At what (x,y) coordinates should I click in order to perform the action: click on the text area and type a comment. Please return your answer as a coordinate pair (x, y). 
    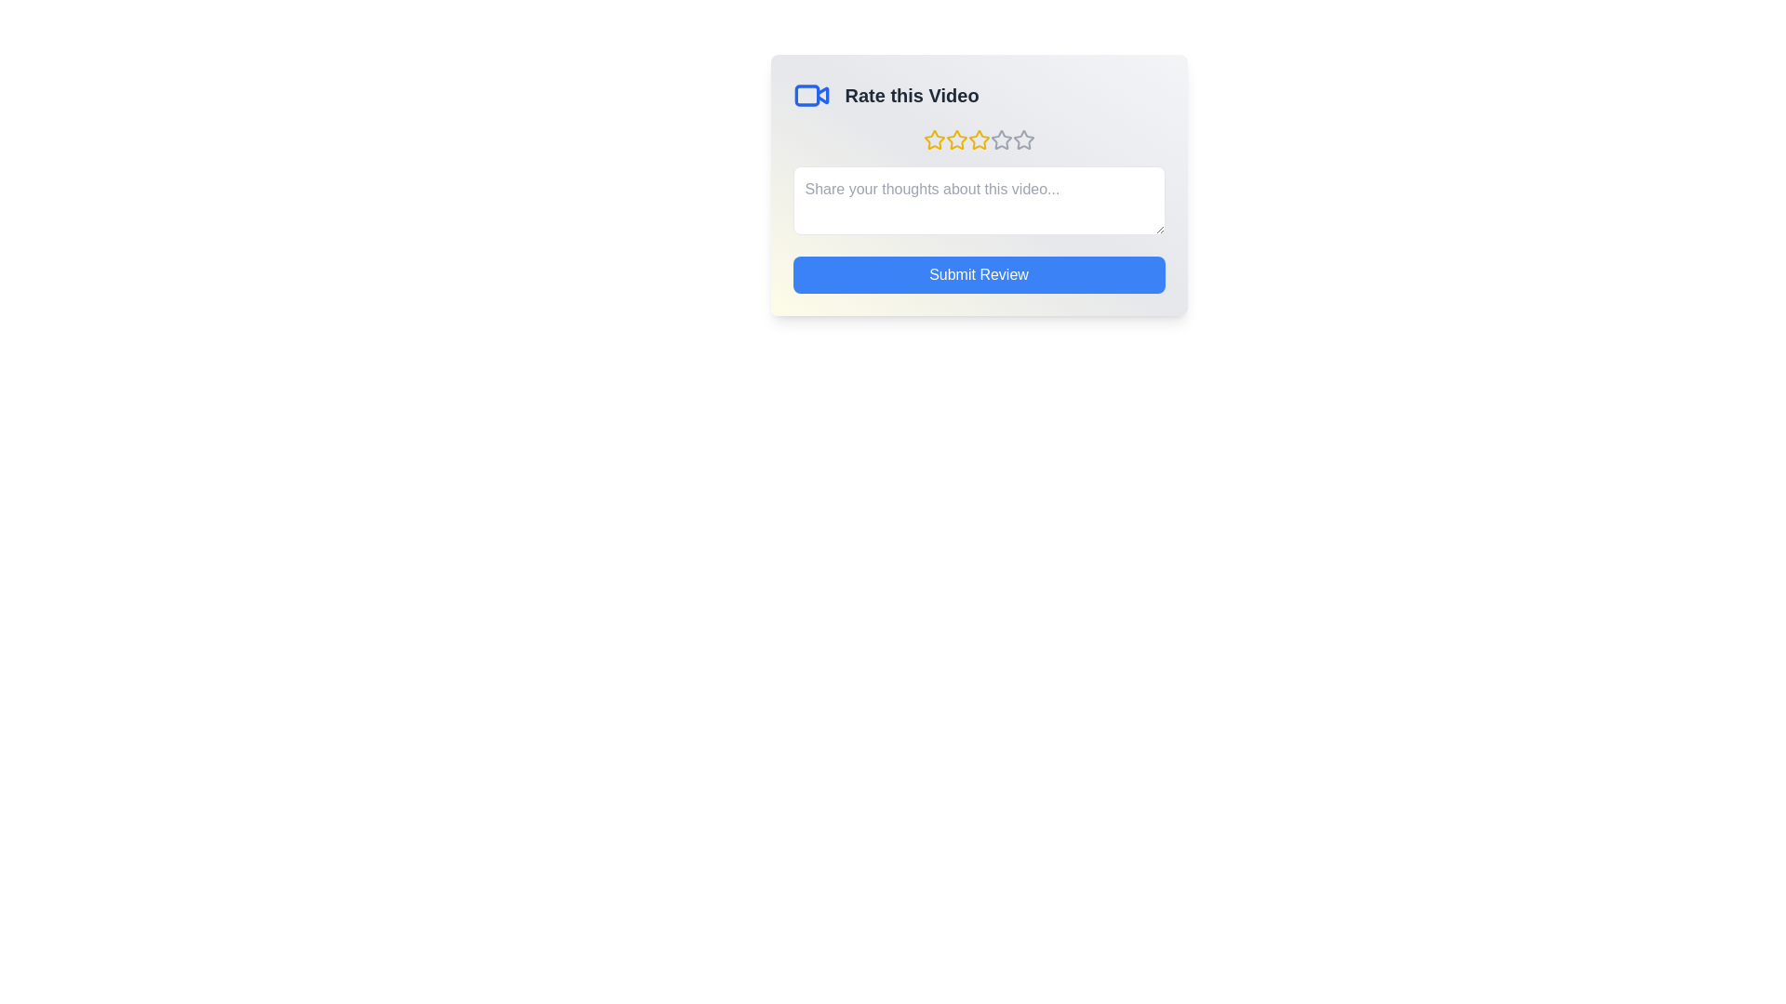
    Looking at the image, I should click on (978, 201).